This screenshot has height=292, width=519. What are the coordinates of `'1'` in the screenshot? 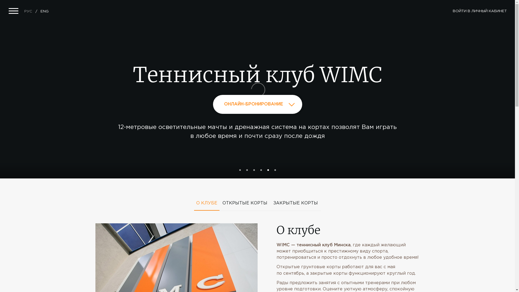 It's located at (239, 170).